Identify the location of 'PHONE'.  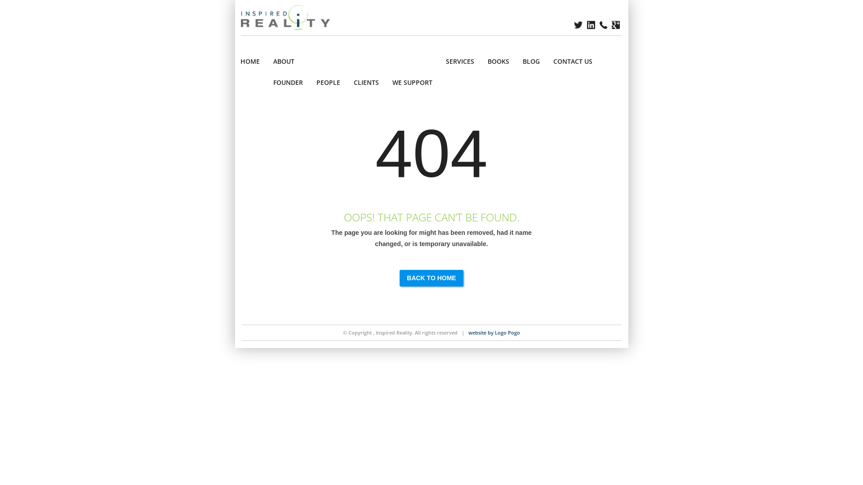
(603, 25).